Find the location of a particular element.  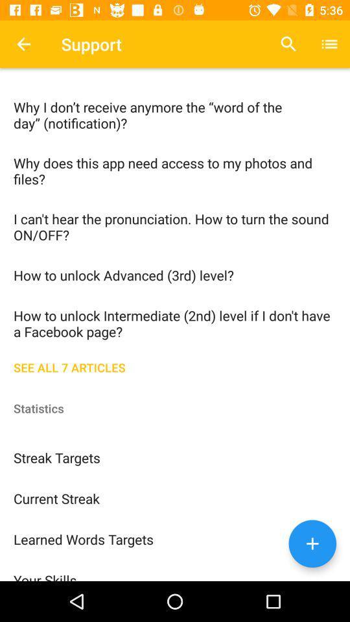

the add icon is located at coordinates (312, 544).